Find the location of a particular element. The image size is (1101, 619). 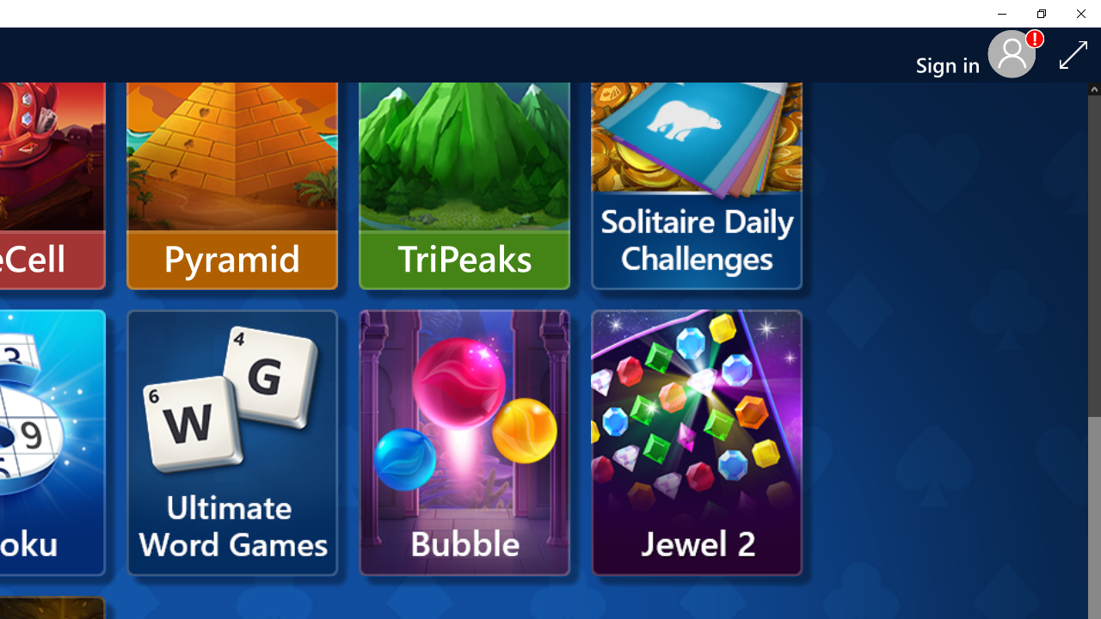

'Restore Solitaire & Casual Games' is located at coordinates (1040, 13).